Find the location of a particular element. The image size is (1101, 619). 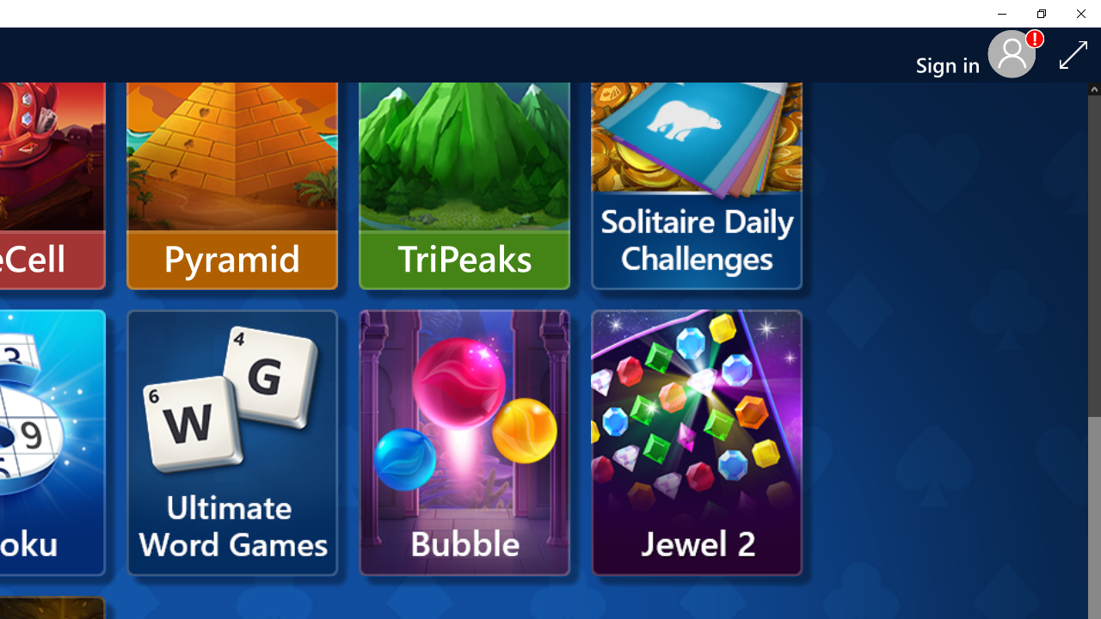

'Restore Solitaire & Casual Games' is located at coordinates (1040, 13).